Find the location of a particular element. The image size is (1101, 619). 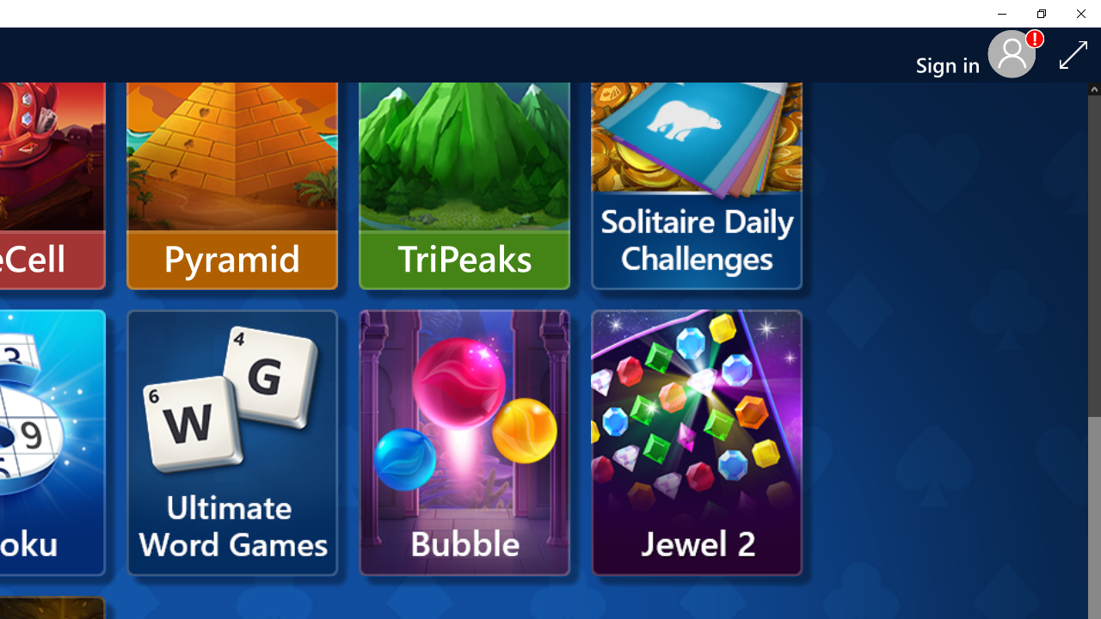

'Restore Solitaire & Casual Games' is located at coordinates (1040, 13).